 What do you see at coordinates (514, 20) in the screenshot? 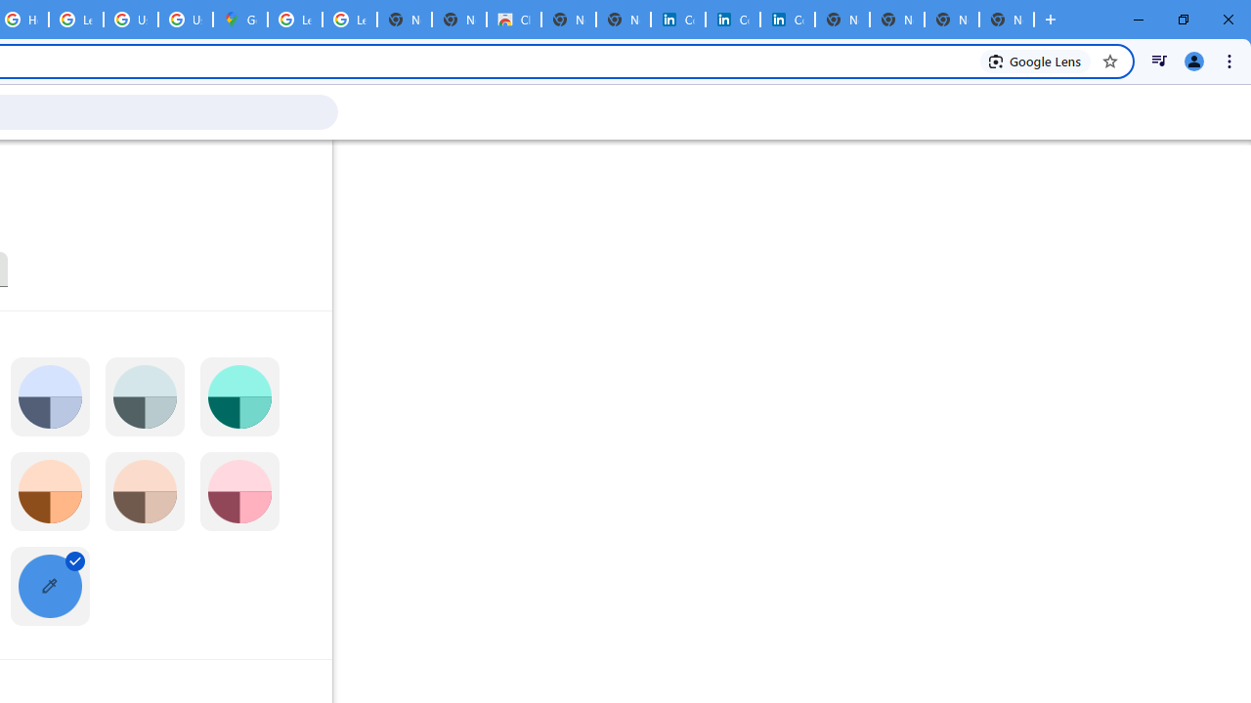
I see `'Chrome Web Store'` at bounding box center [514, 20].